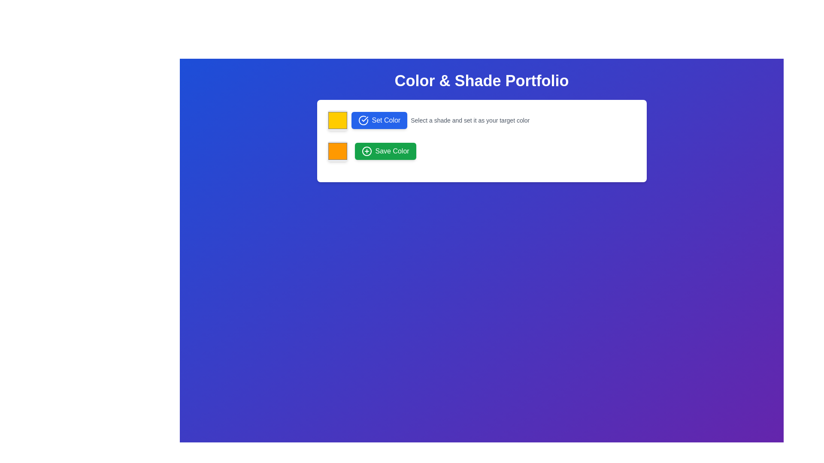 This screenshot has height=463, width=824. What do you see at coordinates (470, 120) in the screenshot?
I see `the static text label that provides instructions for selecting a color and setting it as the target color, located to the right of the 'Set Color' button and the yellow color preview square` at bounding box center [470, 120].